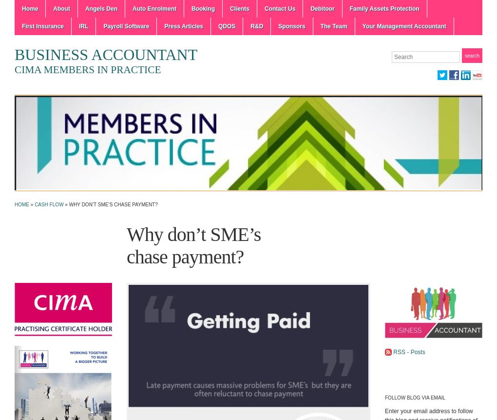  I want to click on 'IRL', so click(78, 26).